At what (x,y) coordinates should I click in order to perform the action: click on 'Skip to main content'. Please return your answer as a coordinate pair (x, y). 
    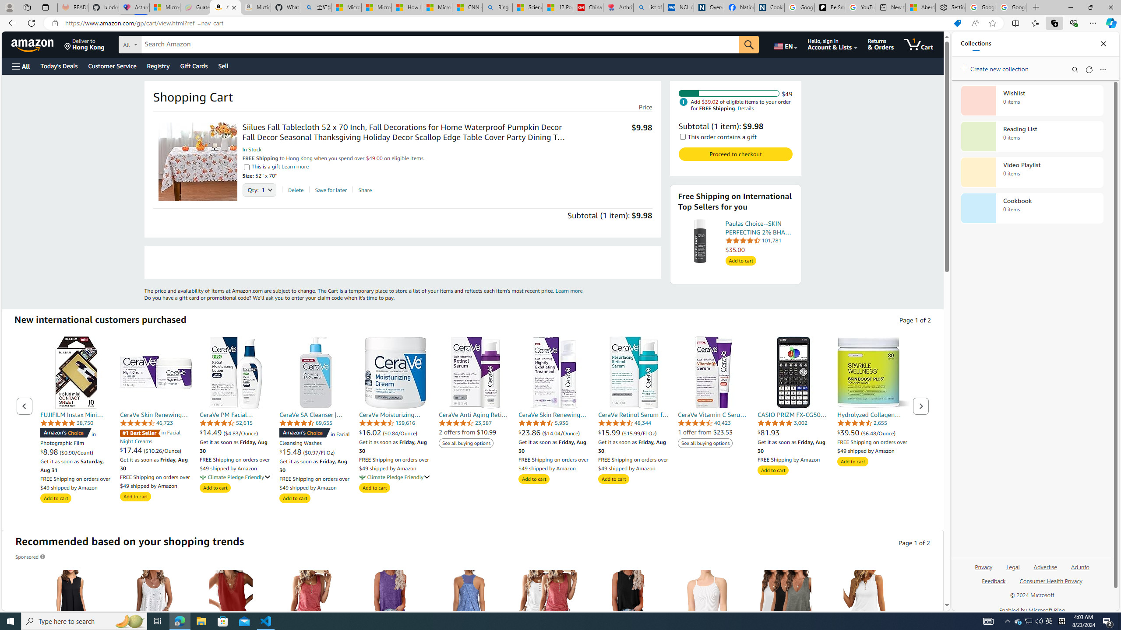
    Looking at the image, I should click on (37, 43).